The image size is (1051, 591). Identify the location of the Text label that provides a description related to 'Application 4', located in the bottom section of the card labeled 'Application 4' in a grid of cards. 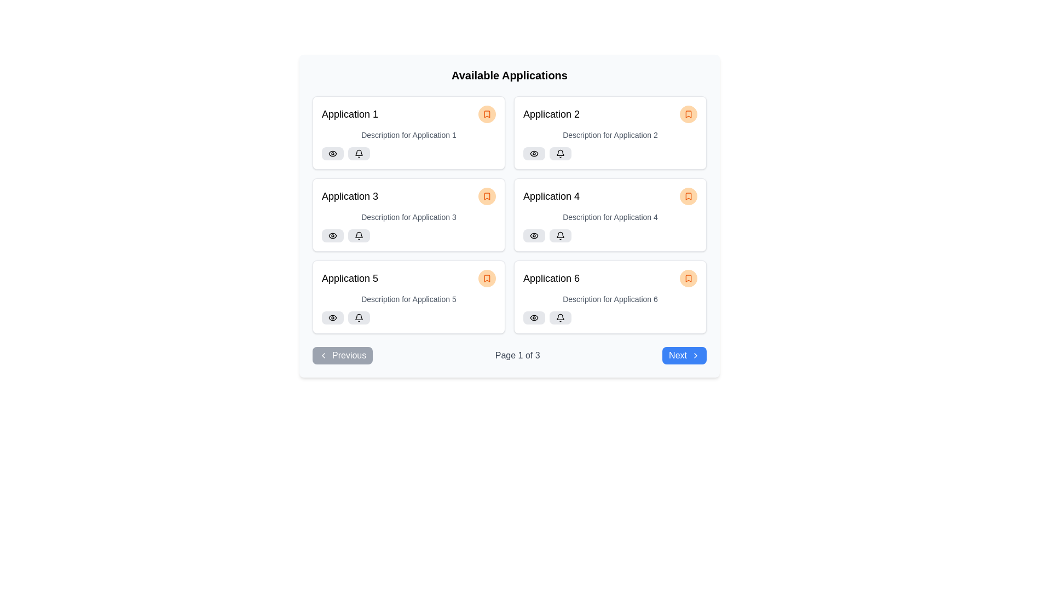
(609, 217).